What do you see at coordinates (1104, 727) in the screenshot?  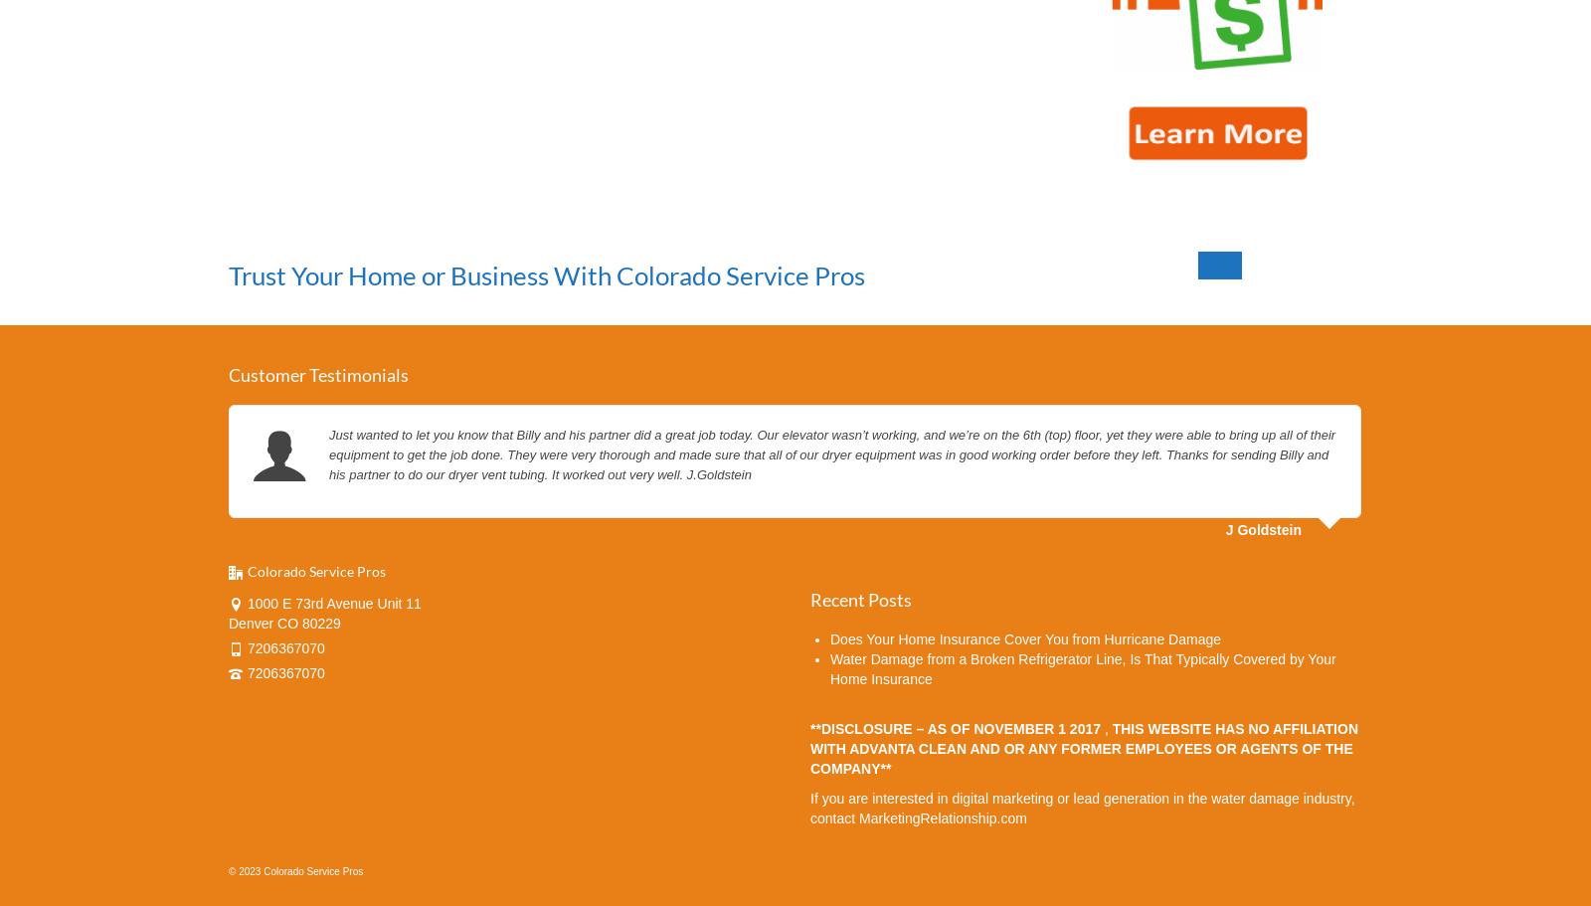 I see `','` at bounding box center [1104, 727].